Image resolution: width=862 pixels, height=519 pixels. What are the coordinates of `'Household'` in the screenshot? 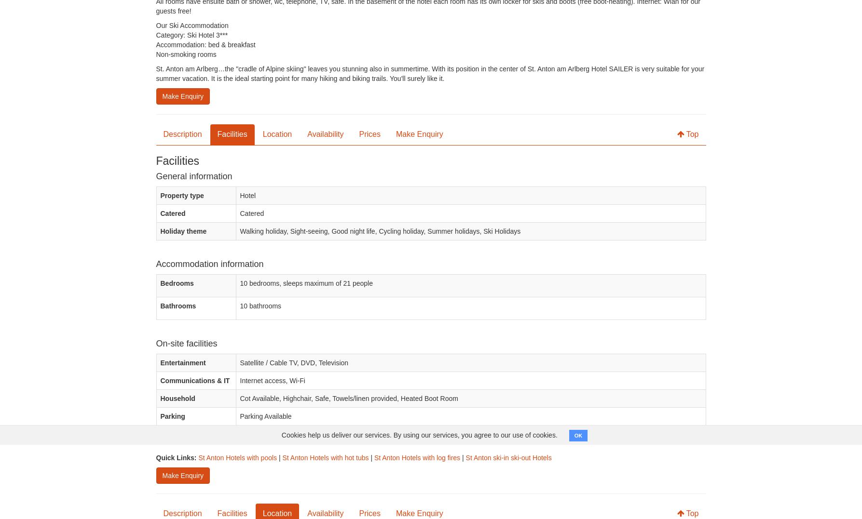 It's located at (177, 398).